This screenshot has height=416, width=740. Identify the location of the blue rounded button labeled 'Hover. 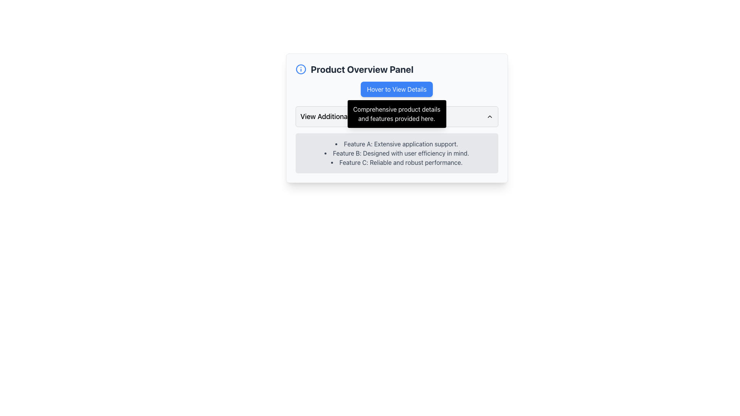
(397, 89).